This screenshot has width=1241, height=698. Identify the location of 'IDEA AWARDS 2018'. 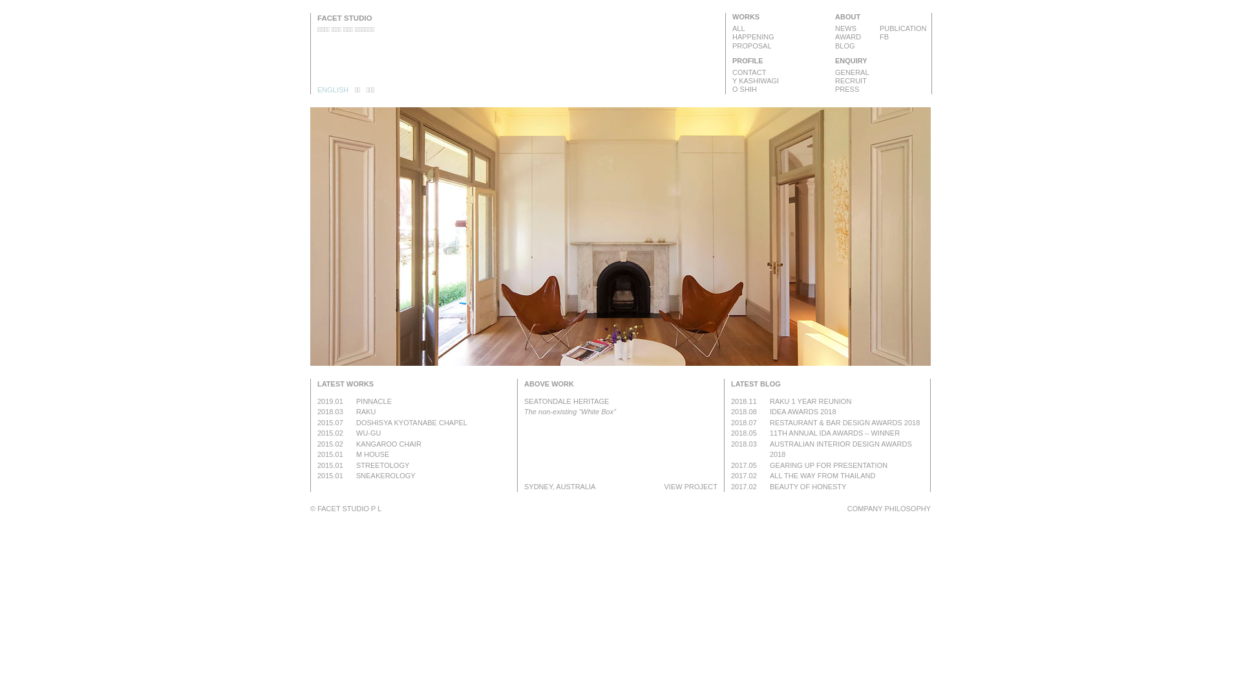
(847, 412).